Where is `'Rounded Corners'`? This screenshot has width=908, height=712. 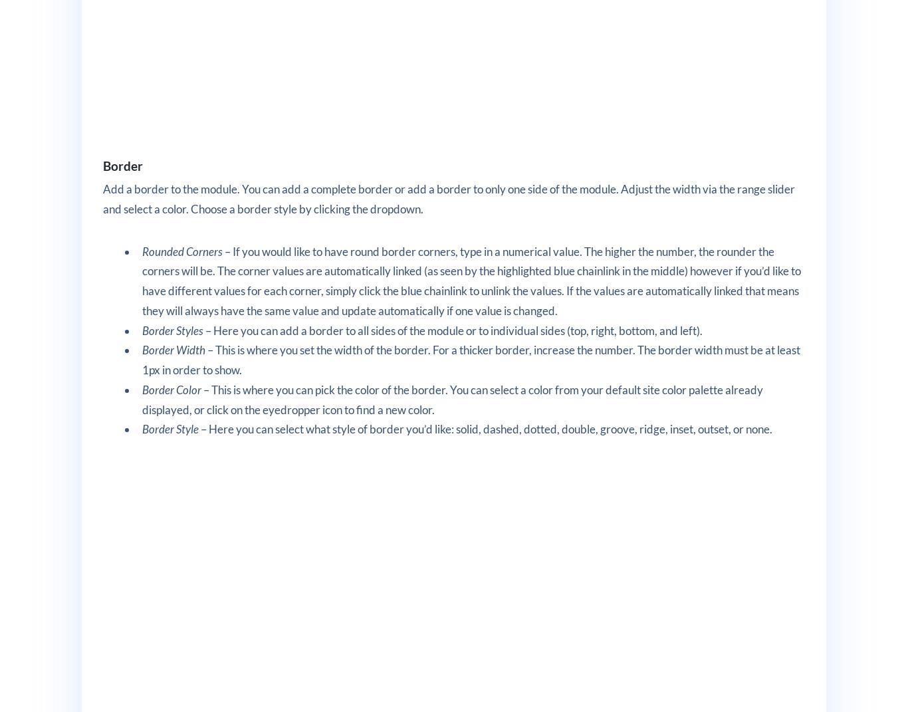 'Rounded Corners' is located at coordinates (182, 250).